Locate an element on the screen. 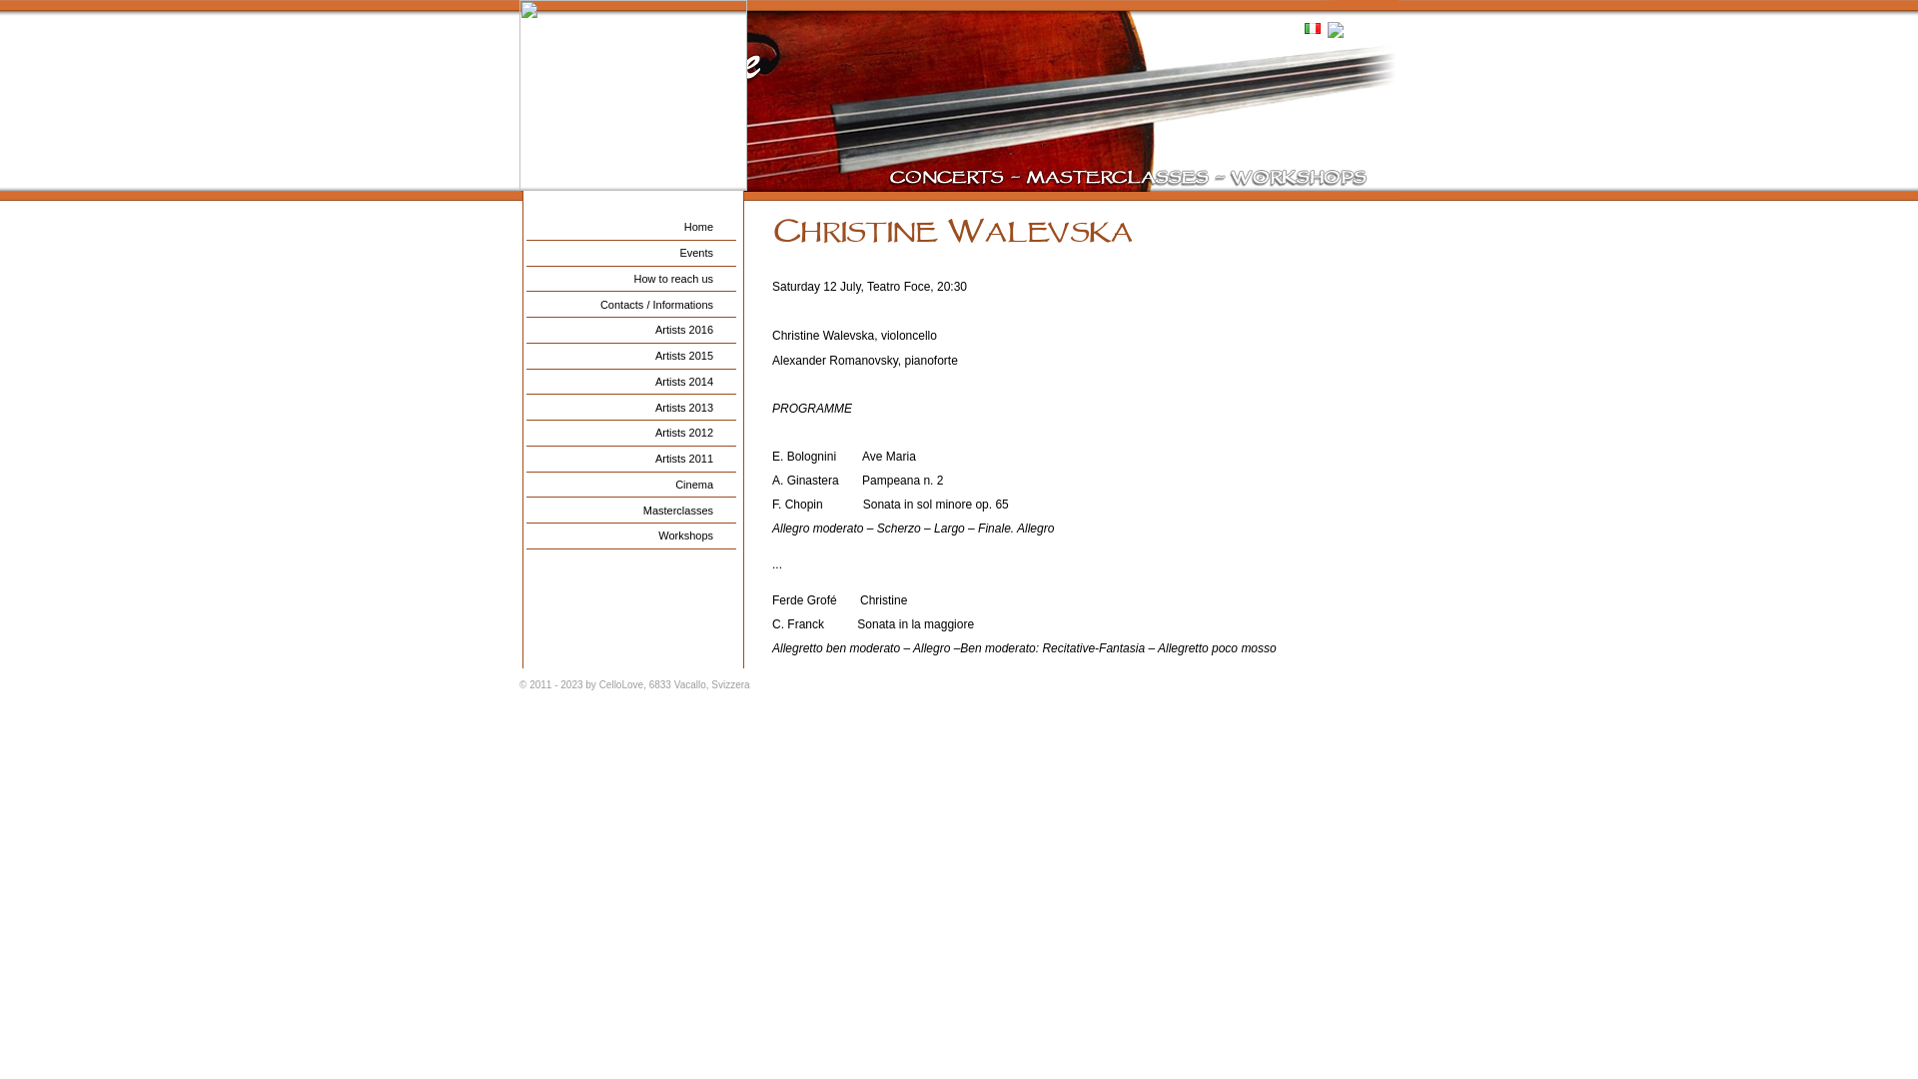  'Events' is located at coordinates (630, 253).